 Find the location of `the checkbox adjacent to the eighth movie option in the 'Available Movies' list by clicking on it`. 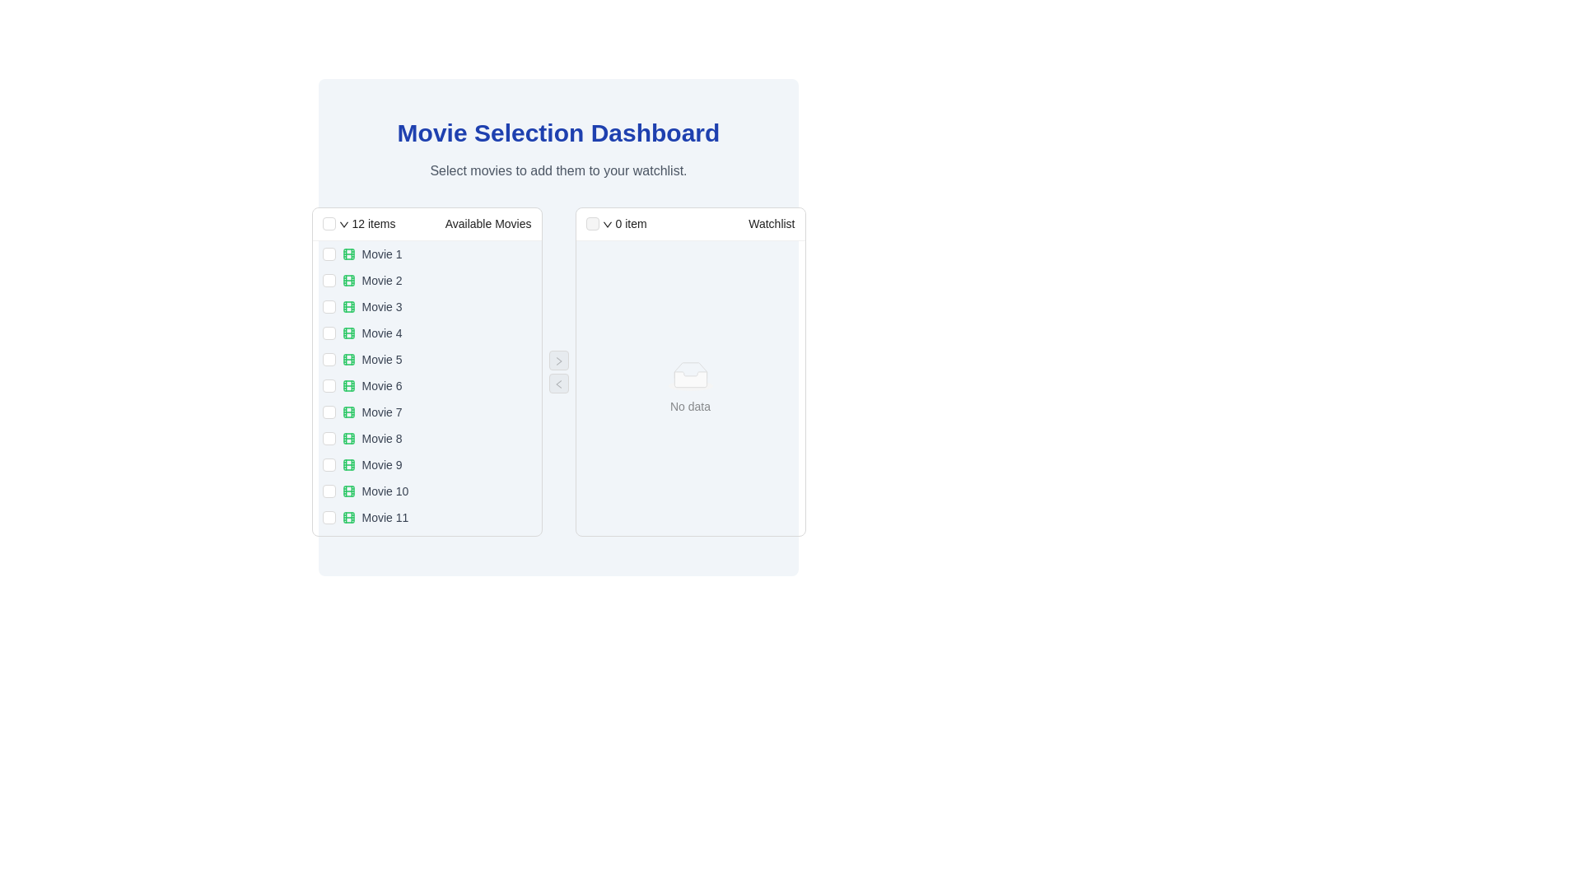

the checkbox adjacent to the eighth movie option in the 'Available Movies' list by clicking on it is located at coordinates (436, 437).